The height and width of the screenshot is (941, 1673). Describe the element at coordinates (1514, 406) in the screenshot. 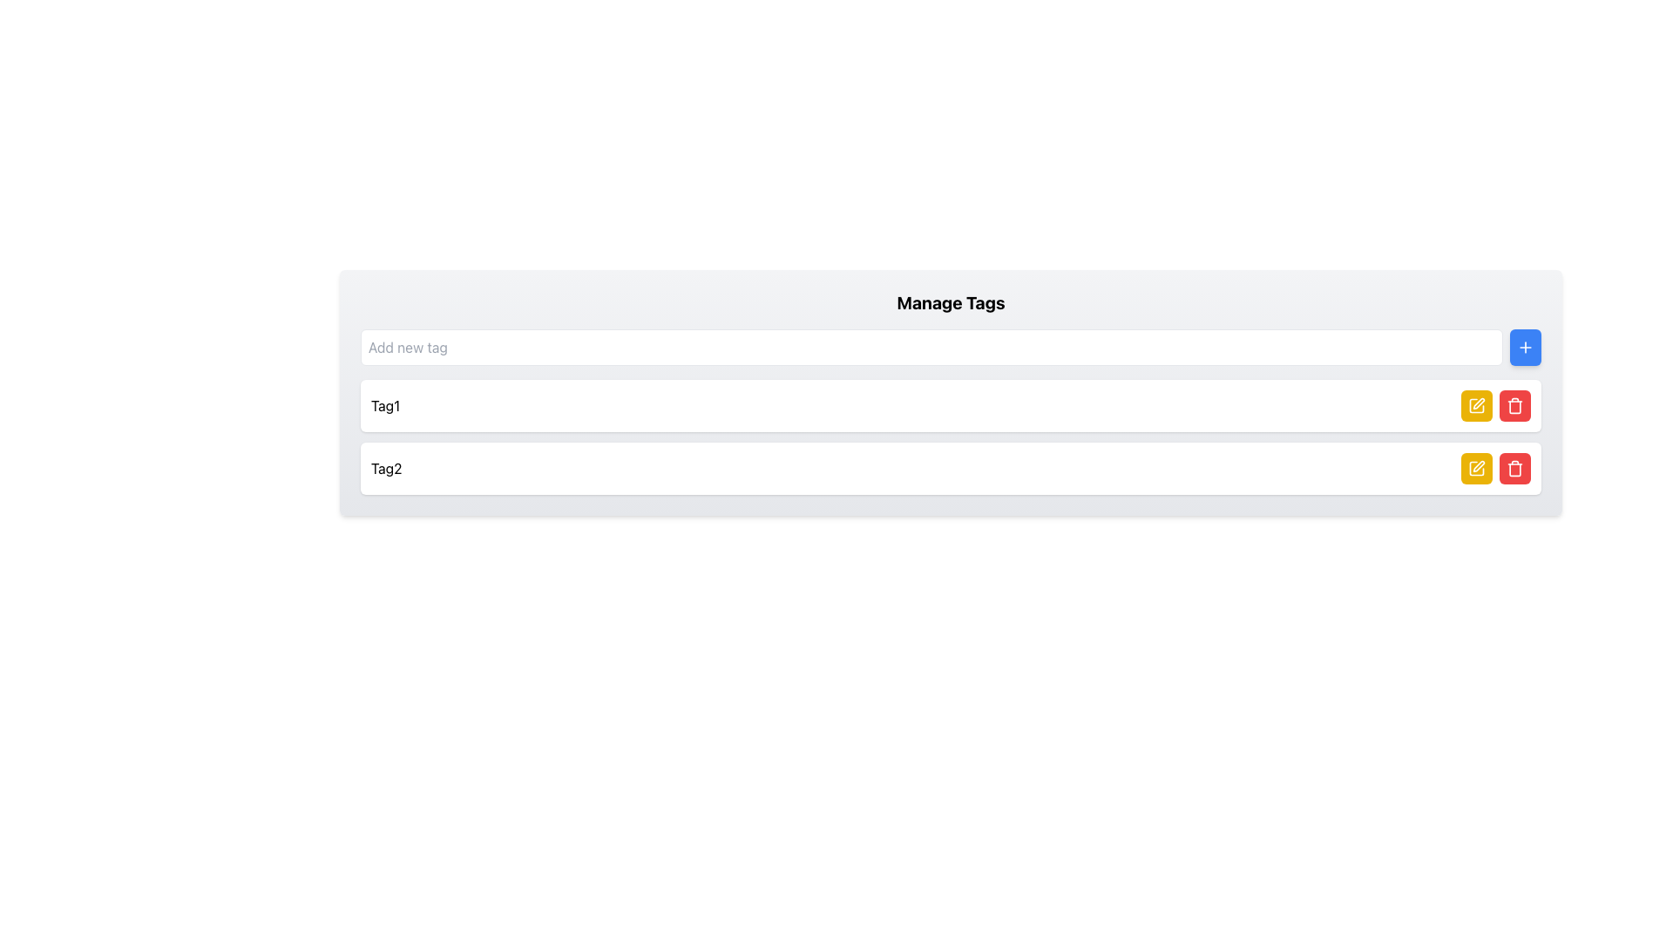

I see `the delete icon, which is a minimalist trash can icon with a red background, located next to a yellow edit icon in the second row of the interface` at that location.